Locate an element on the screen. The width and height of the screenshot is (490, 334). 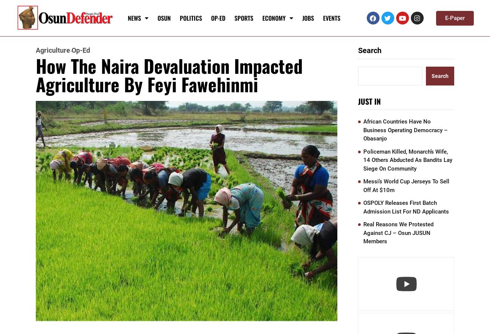
'Messi’s World Cup Jerseys To Sell Off At $10m' is located at coordinates (406, 185).